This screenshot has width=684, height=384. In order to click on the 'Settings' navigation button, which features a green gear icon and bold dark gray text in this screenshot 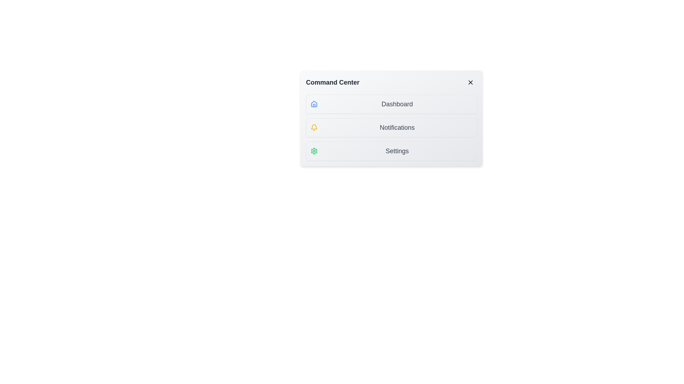, I will do `click(391, 150)`.